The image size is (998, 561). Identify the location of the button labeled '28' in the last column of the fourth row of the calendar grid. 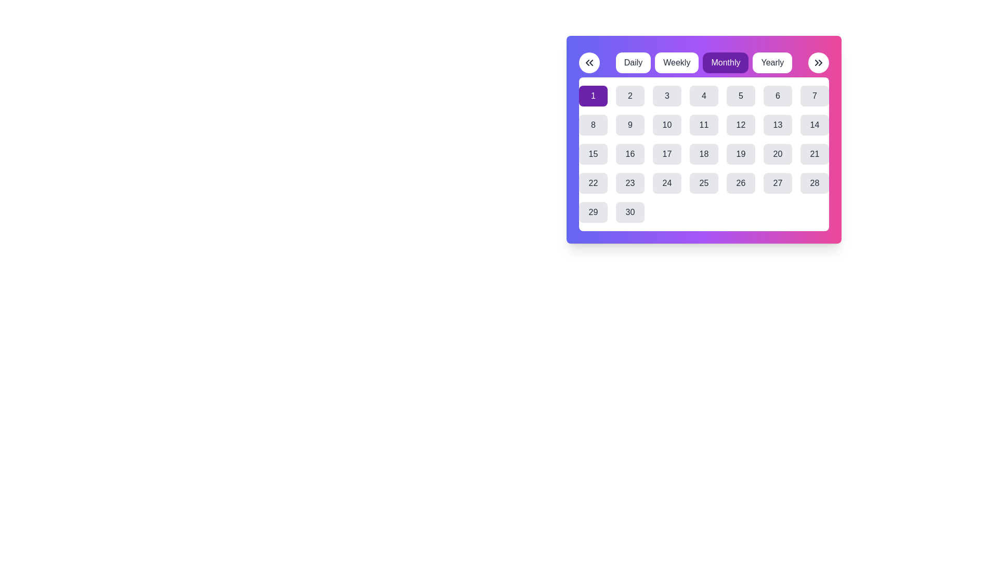
(814, 183).